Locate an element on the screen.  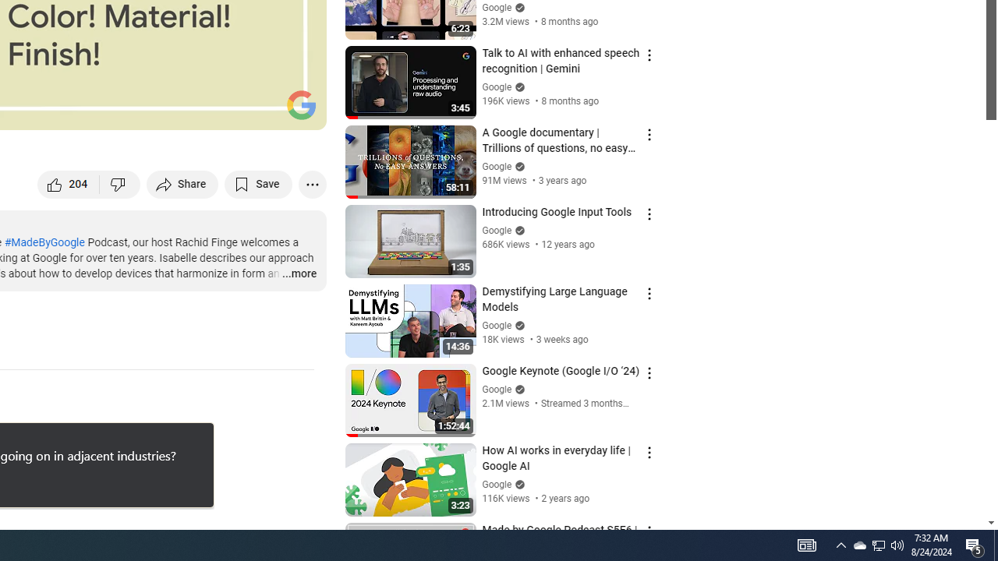
'Save to playlist' is located at coordinates (258, 183).